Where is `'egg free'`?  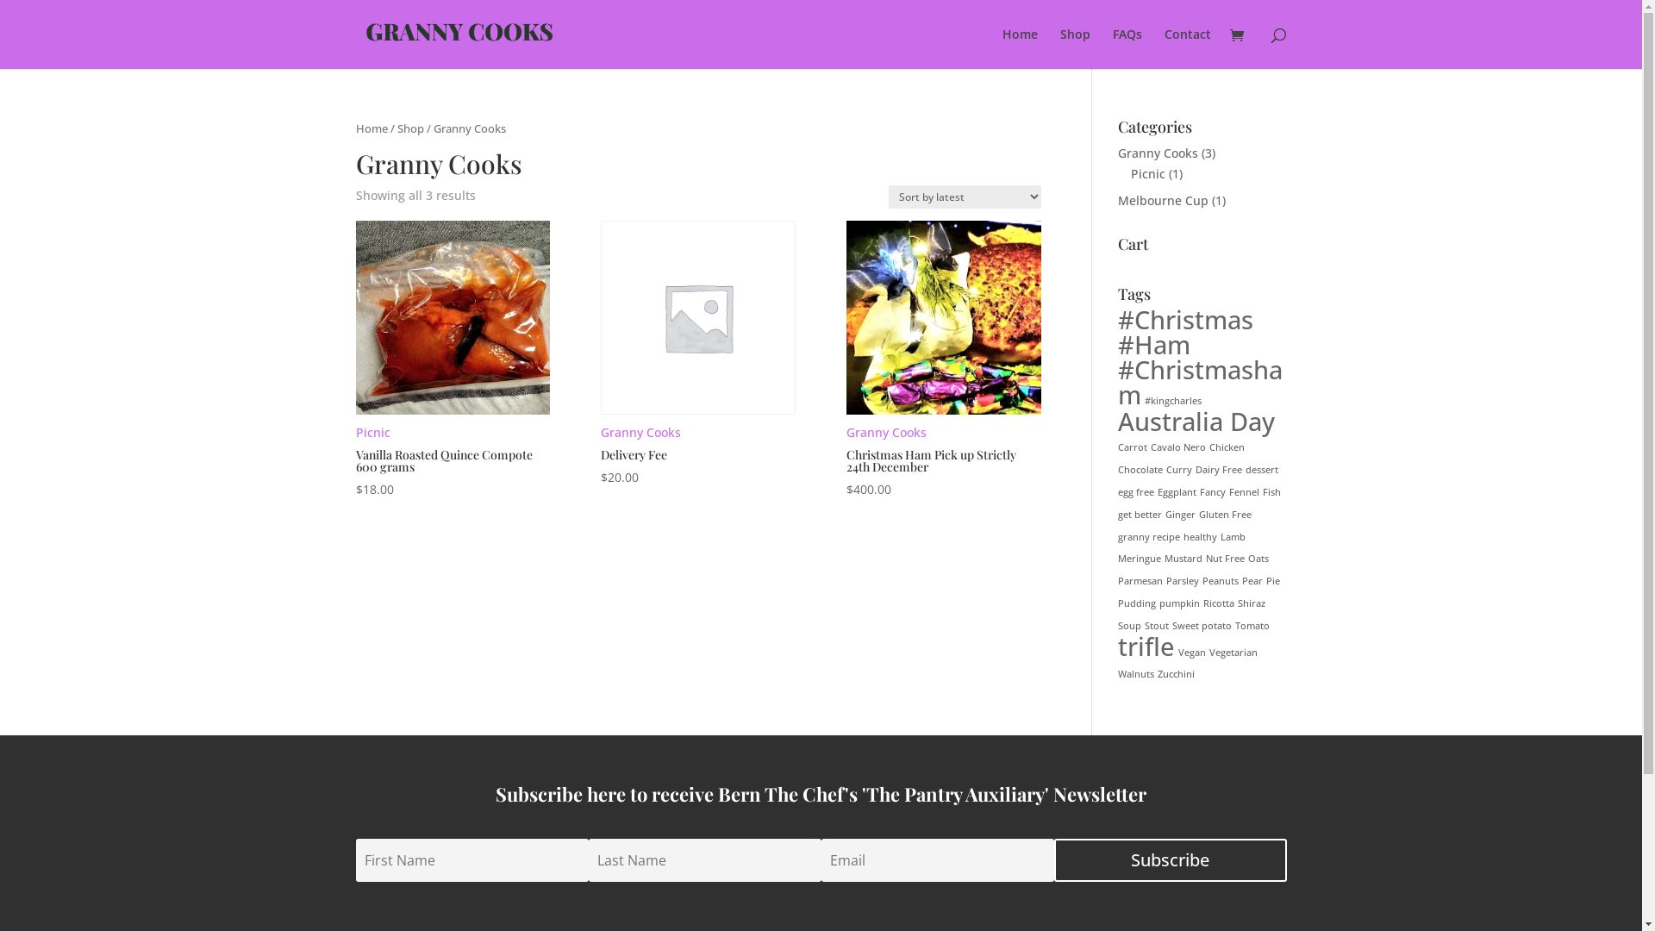
'egg free' is located at coordinates (1117, 491).